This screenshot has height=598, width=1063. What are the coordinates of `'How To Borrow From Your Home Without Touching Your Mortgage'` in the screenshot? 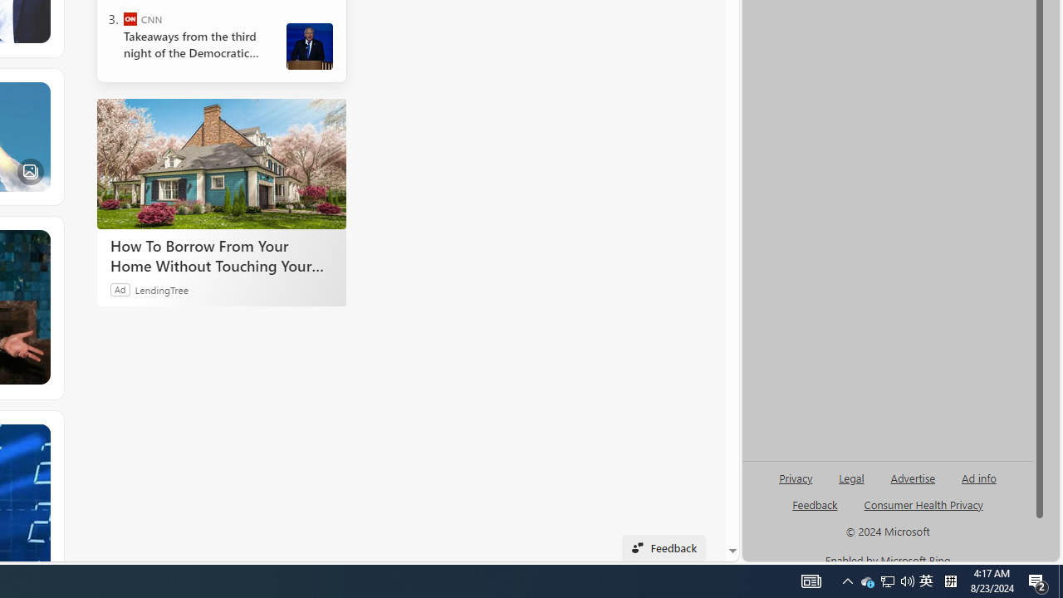 It's located at (220, 164).